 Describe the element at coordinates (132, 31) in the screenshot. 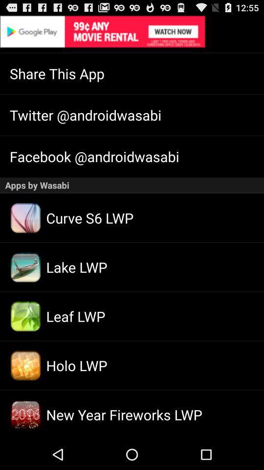

I see `connect to advertisement` at that location.